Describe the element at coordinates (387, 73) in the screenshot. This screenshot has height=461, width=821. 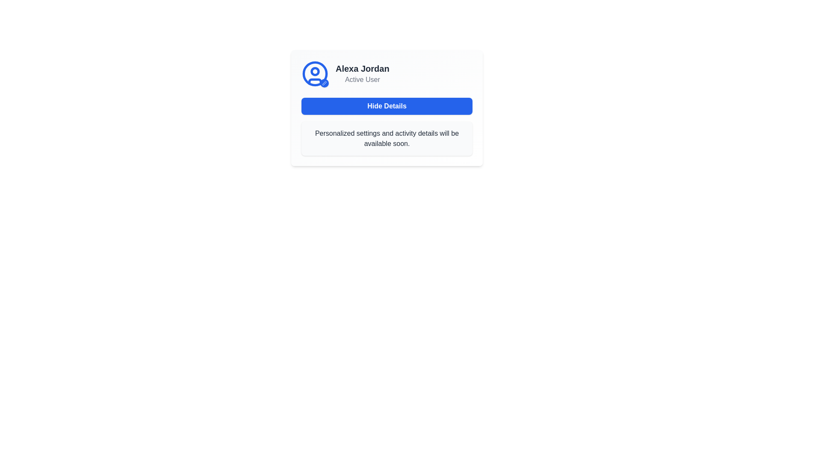
I see `the informational label or profile header that displays the user's name and status ('Active User') located at the top of the profile card` at that location.